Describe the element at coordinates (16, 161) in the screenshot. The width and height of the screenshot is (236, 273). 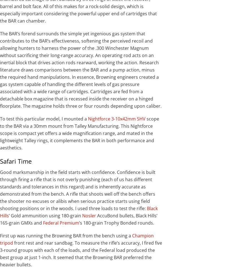
I see `'Safari Time'` at that location.